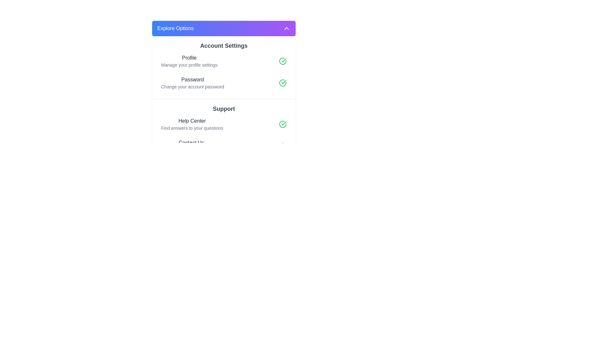  What do you see at coordinates (192, 121) in the screenshot?
I see `the static text label element displaying 'Help Center' which is styled in medium font weight and dark gray color, located within the content block heading 'Support'` at bounding box center [192, 121].